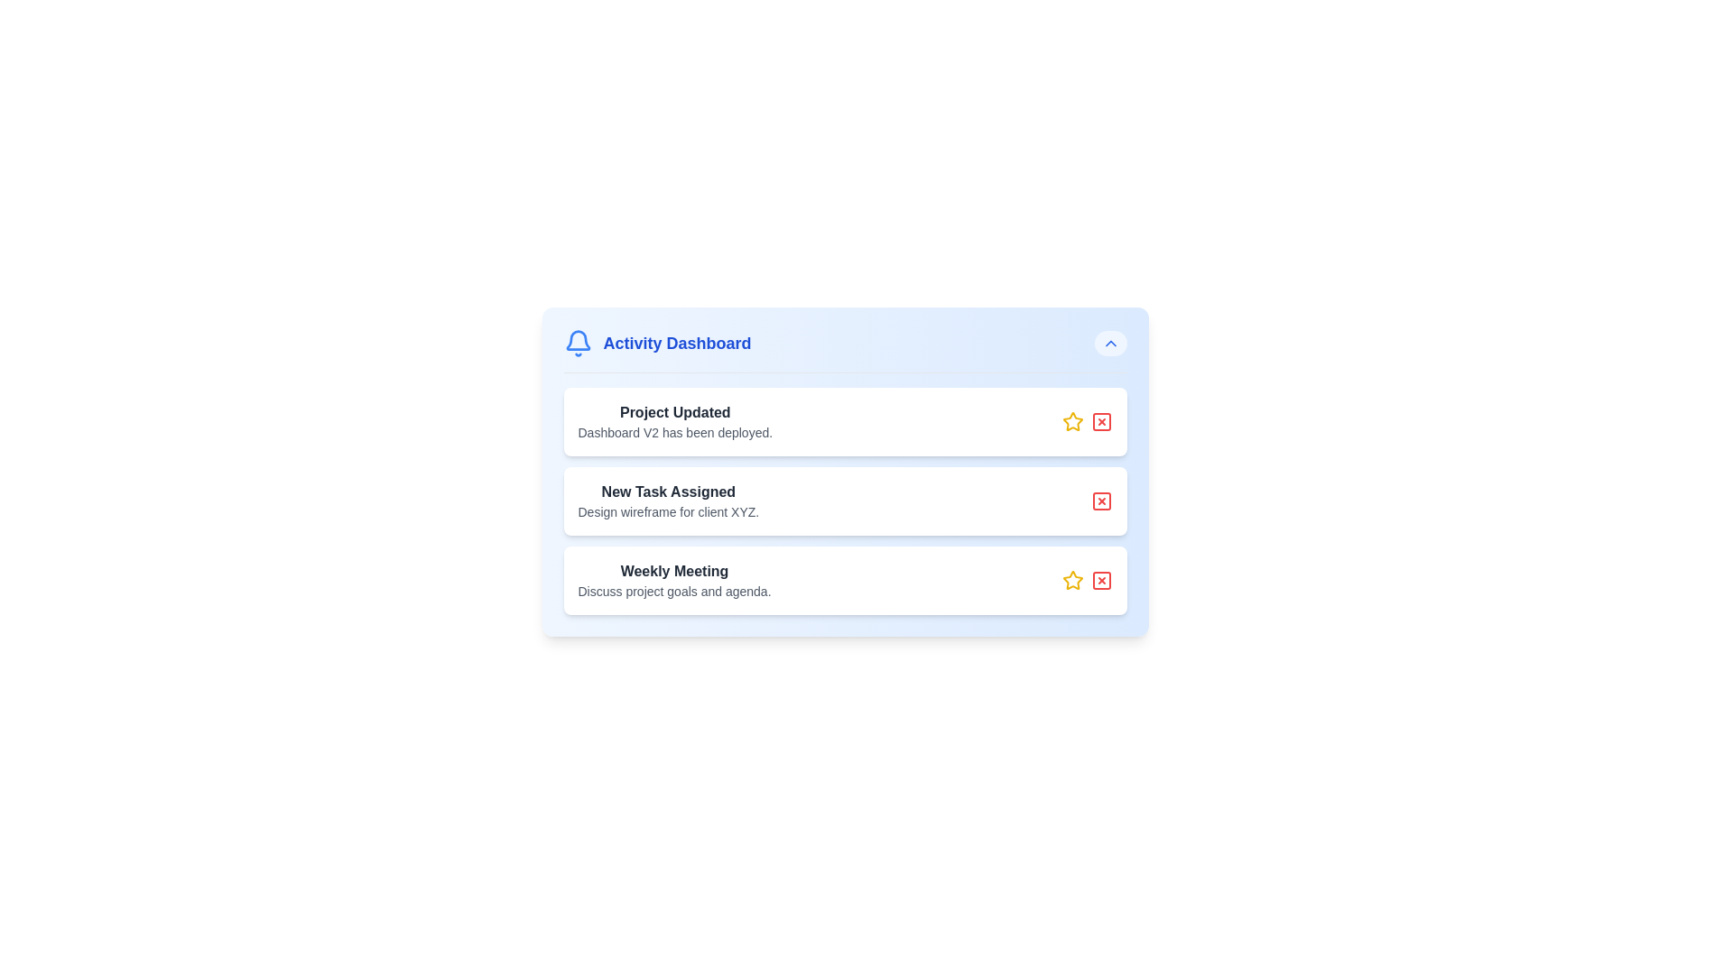  What do you see at coordinates (1109, 344) in the screenshot?
I see `the upward-facing chevron icon with a blue stroke located at the top-right corner of the 'Activity Dashboard' section` at bounding box center [1109, 344].